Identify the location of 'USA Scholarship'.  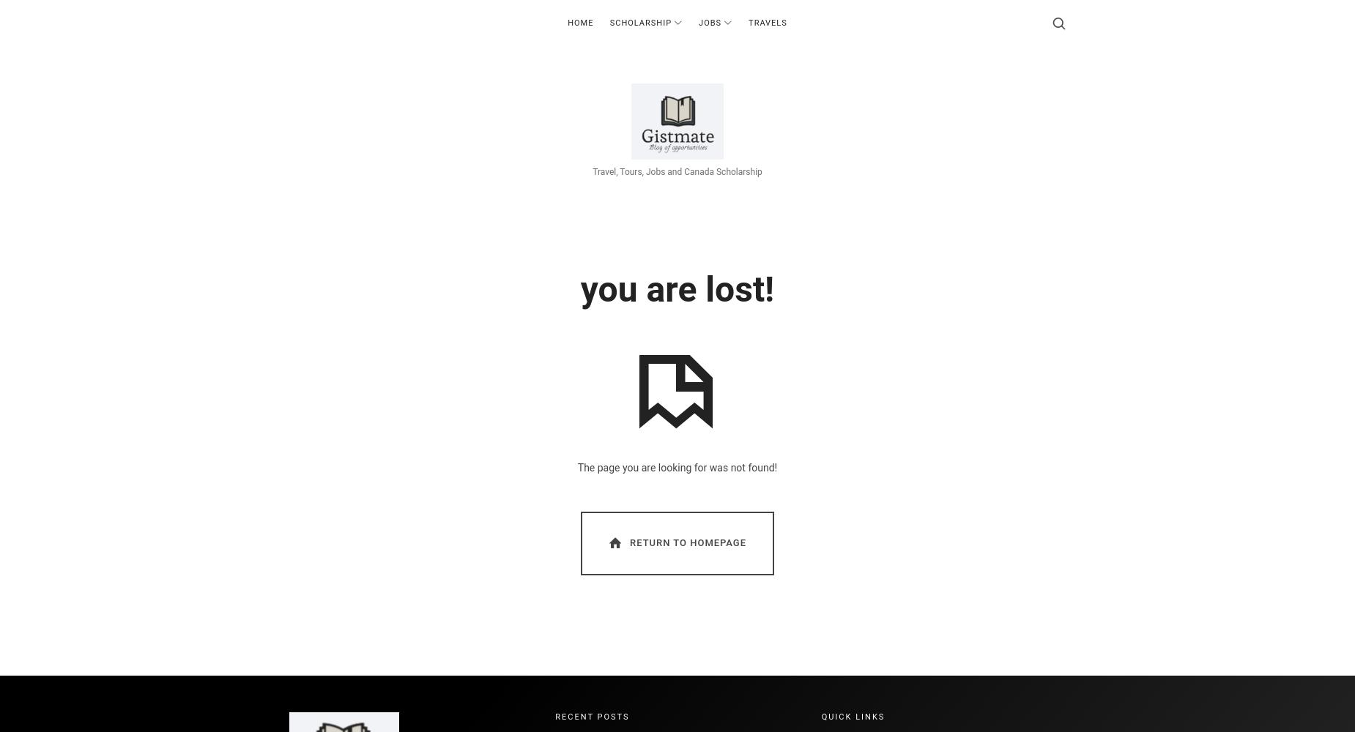
(643, 118).